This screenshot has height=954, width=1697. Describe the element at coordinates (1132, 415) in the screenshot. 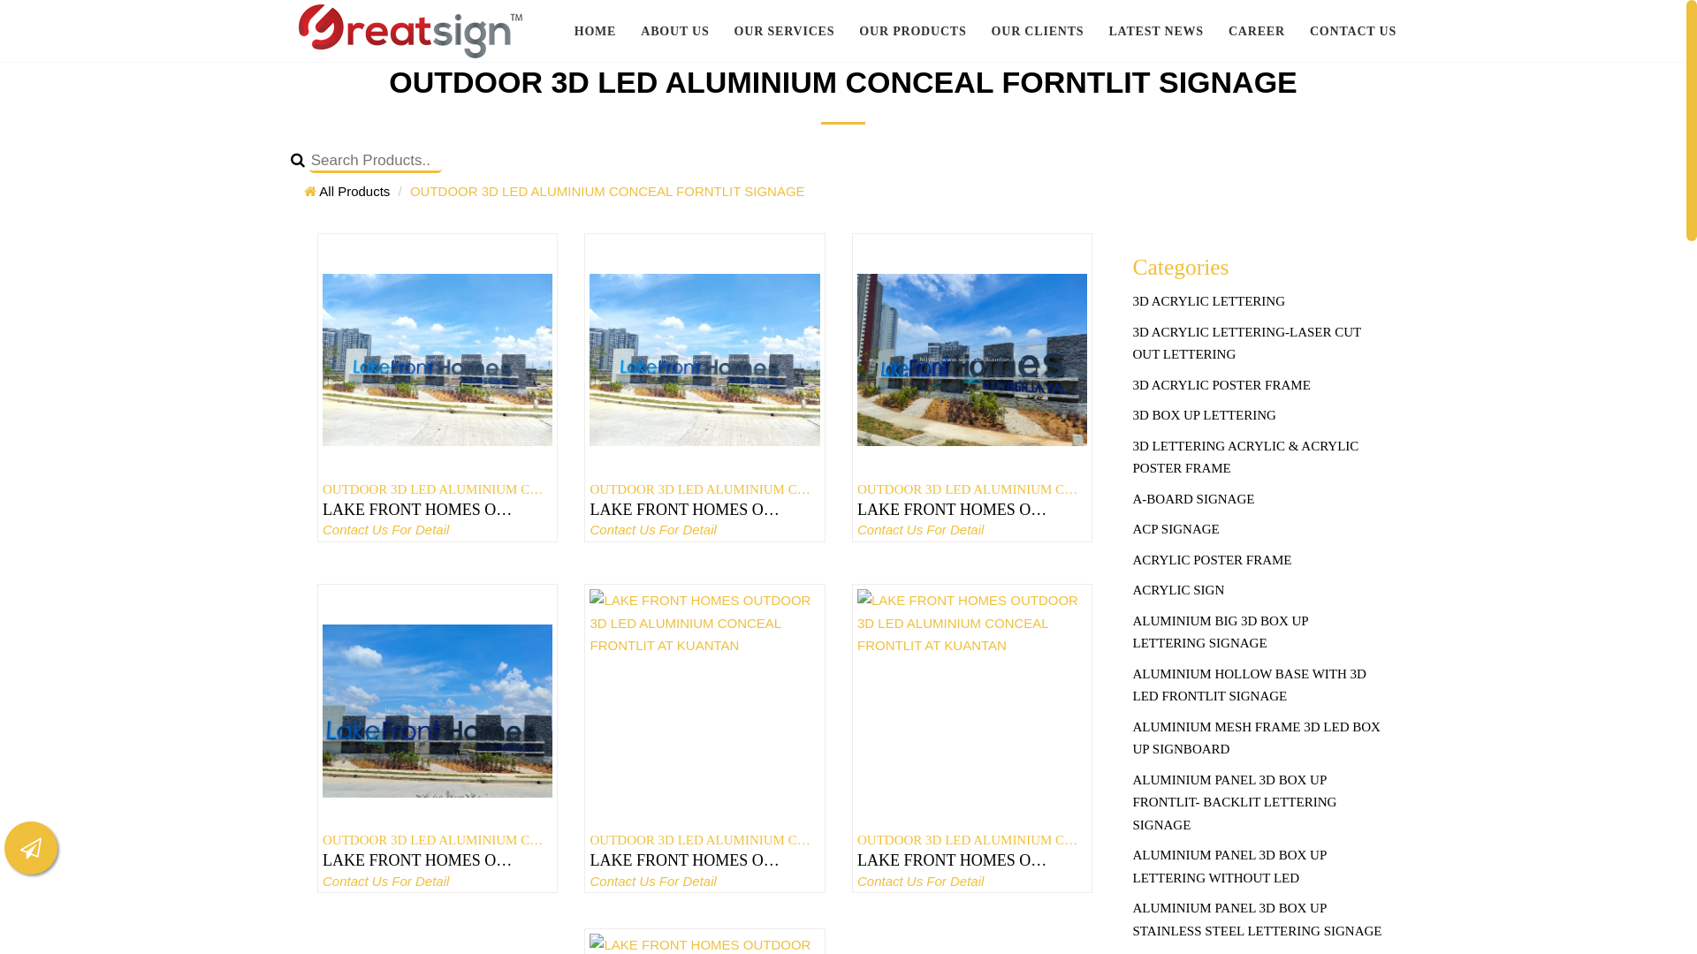

I see `'3D BOX UP LETTERING'` at that location.